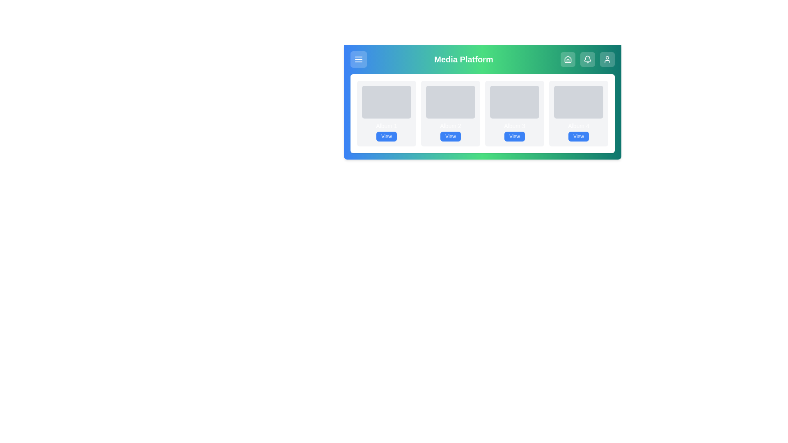 The image size is (788, 443). Describe the element at coordinates (386, 136) in the screenshot. I see `the 'View' button for album 1` at that location.